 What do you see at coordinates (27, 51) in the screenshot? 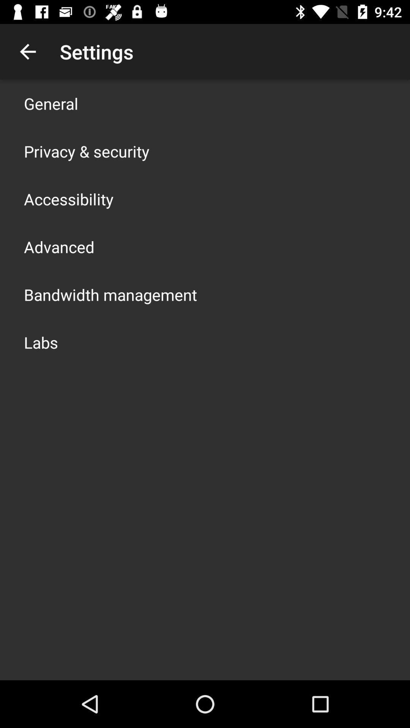
I see `app next to settings item` at bounding box center [27, 51].